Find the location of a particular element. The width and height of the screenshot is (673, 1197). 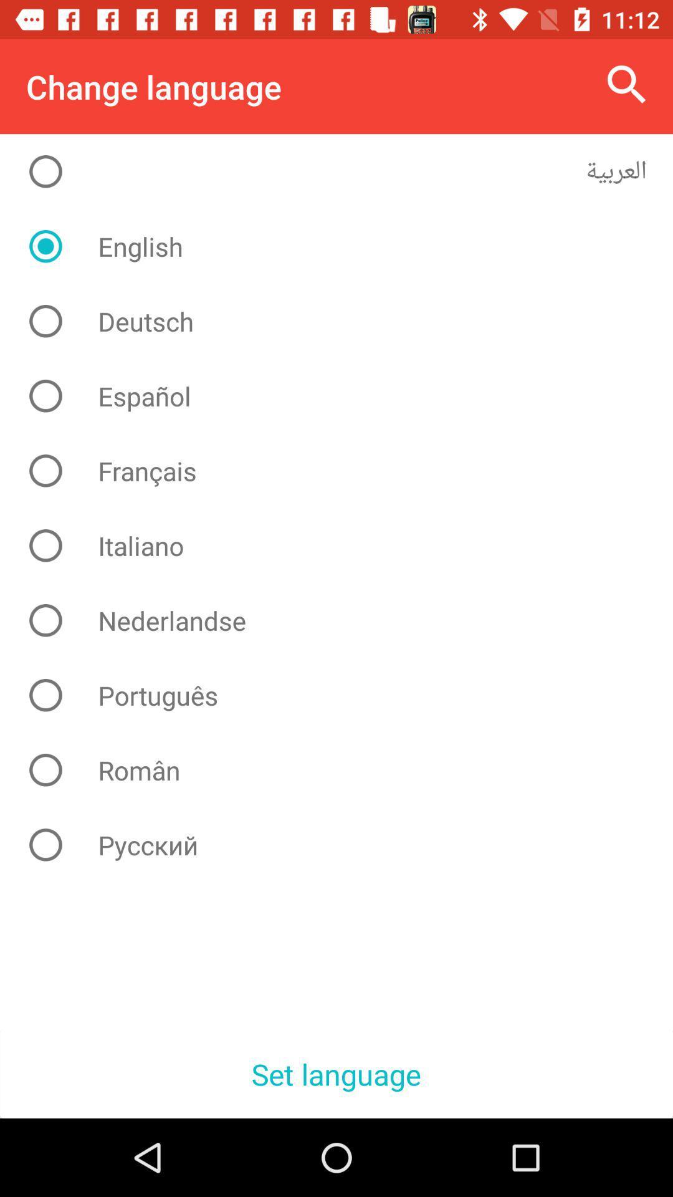

the item above nederlandse is located at coordinates (346, 546).